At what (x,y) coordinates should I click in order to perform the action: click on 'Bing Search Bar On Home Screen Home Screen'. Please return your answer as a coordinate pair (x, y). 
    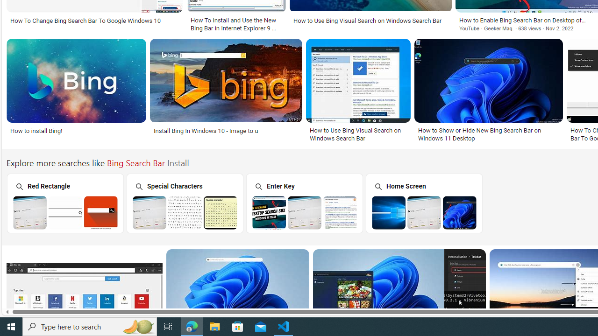
    Looking at the image, I should click on (423, 203).